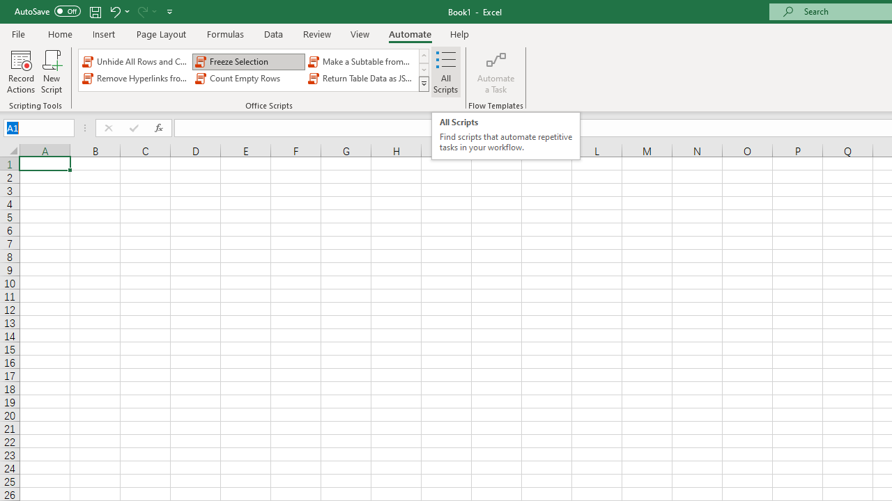 The image size is (892, 501). What do you see at coordinates (161, 33) in the screenshot?
I see `'Page Layout'` at bounding box center [161, 33].